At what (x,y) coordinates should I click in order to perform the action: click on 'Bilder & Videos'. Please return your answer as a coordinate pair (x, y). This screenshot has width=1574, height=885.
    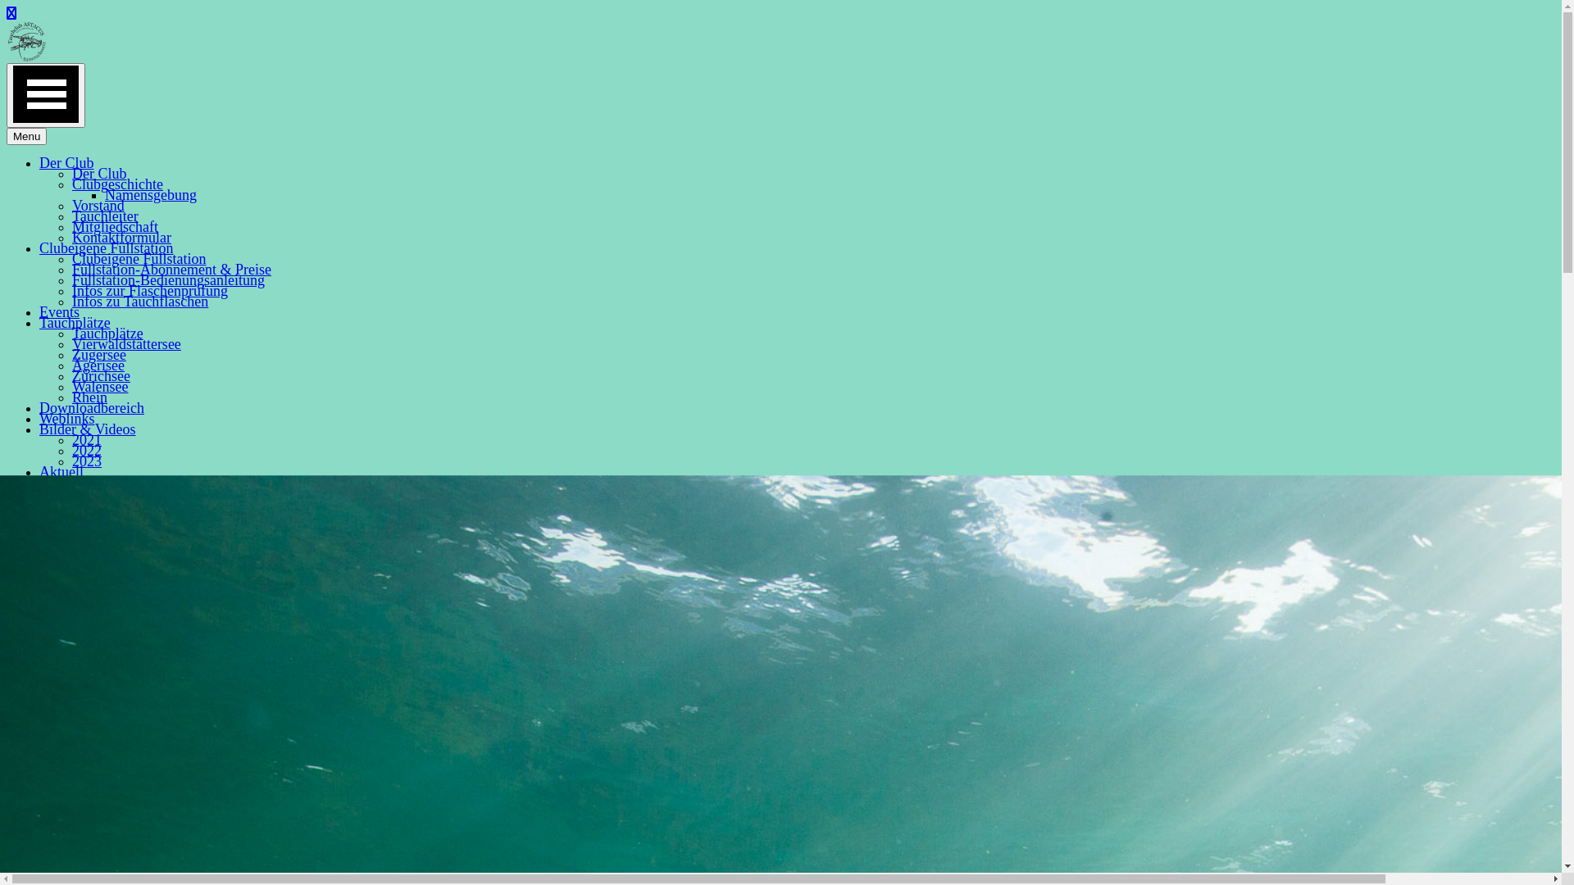
    Looking at the image, I should click on (86, 429).